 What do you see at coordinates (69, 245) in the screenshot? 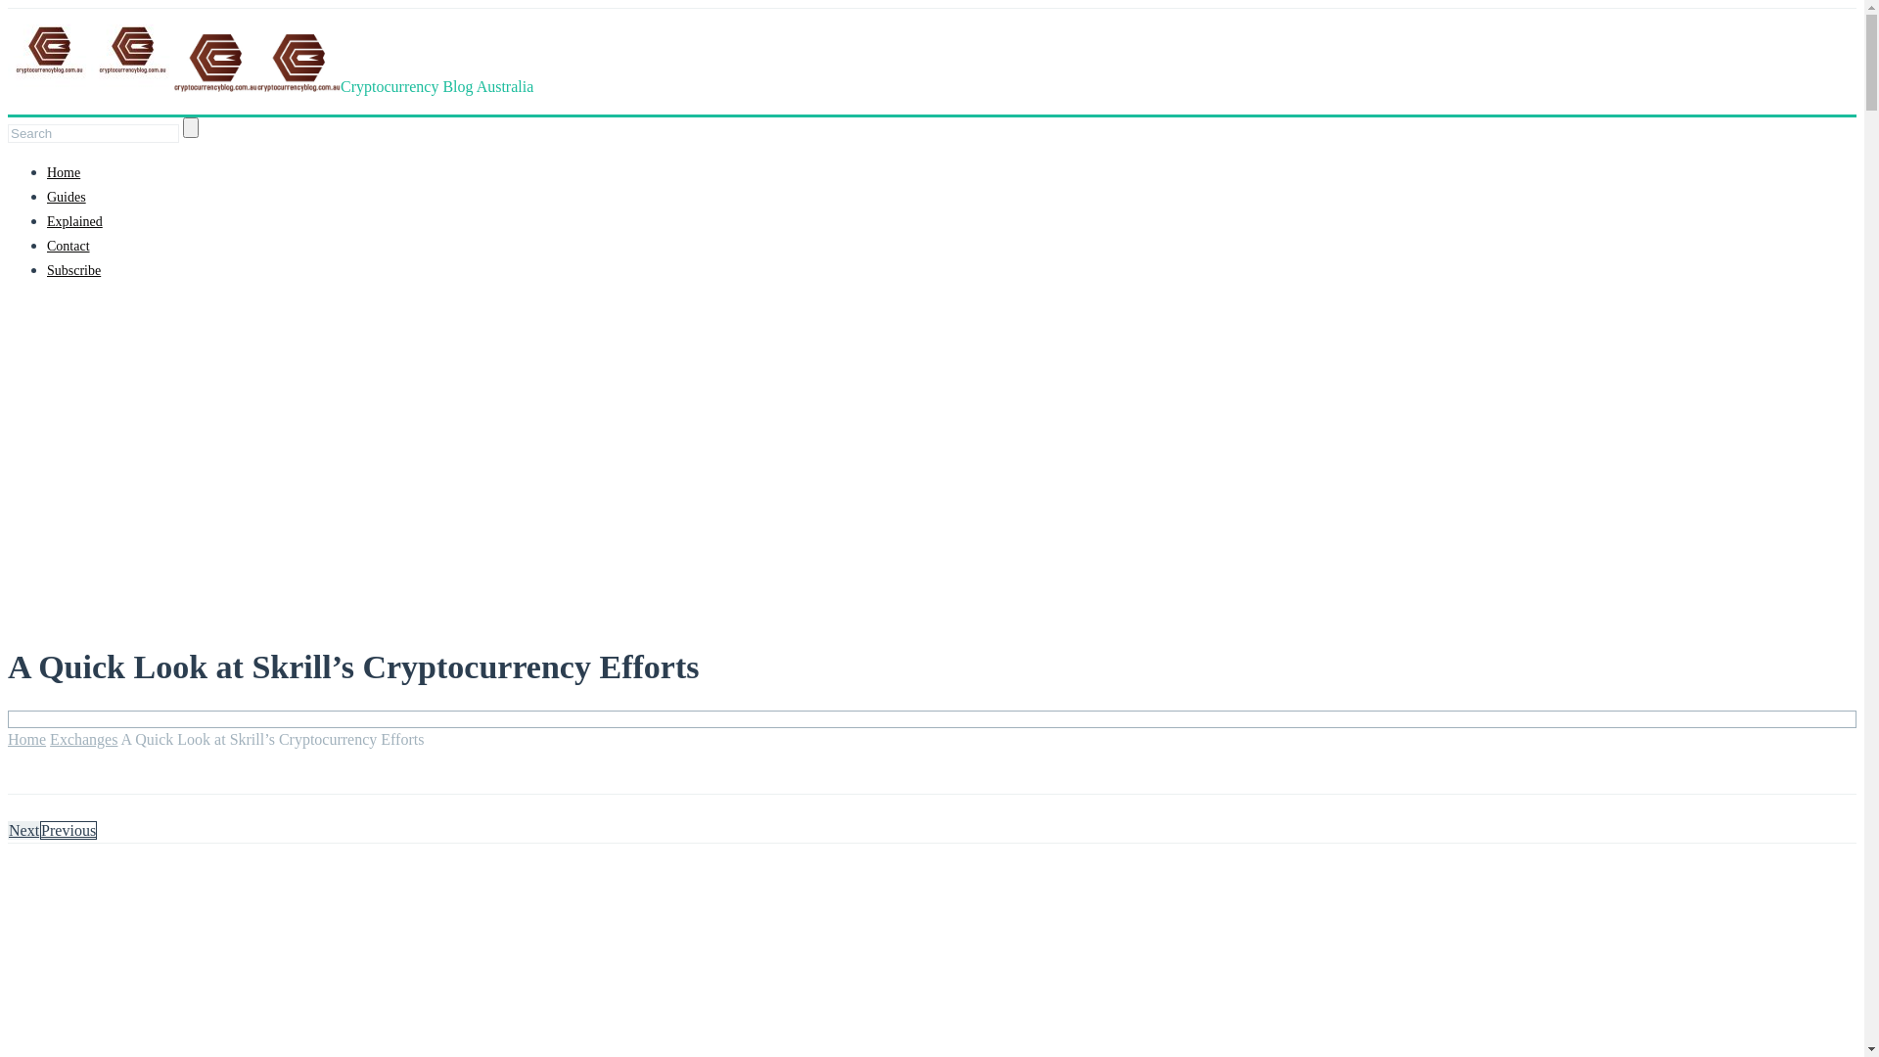
I see `'Contact'` at bounding box center [69, 245].